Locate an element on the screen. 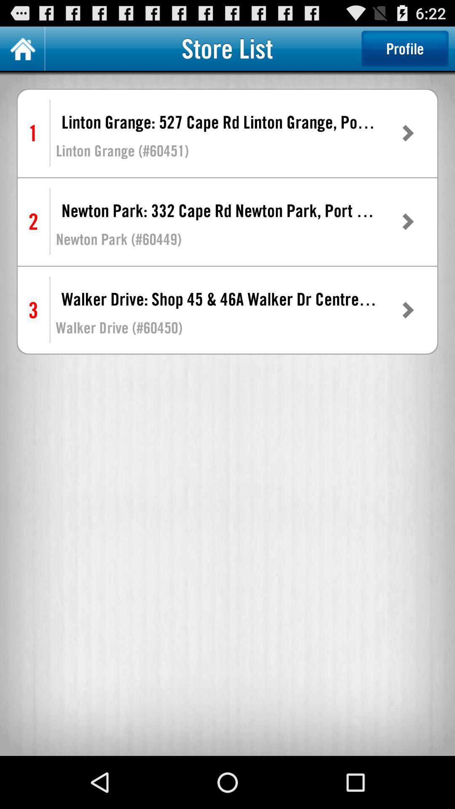 The image size is (455, 809). profile icon is located at coordinates (404, 48).